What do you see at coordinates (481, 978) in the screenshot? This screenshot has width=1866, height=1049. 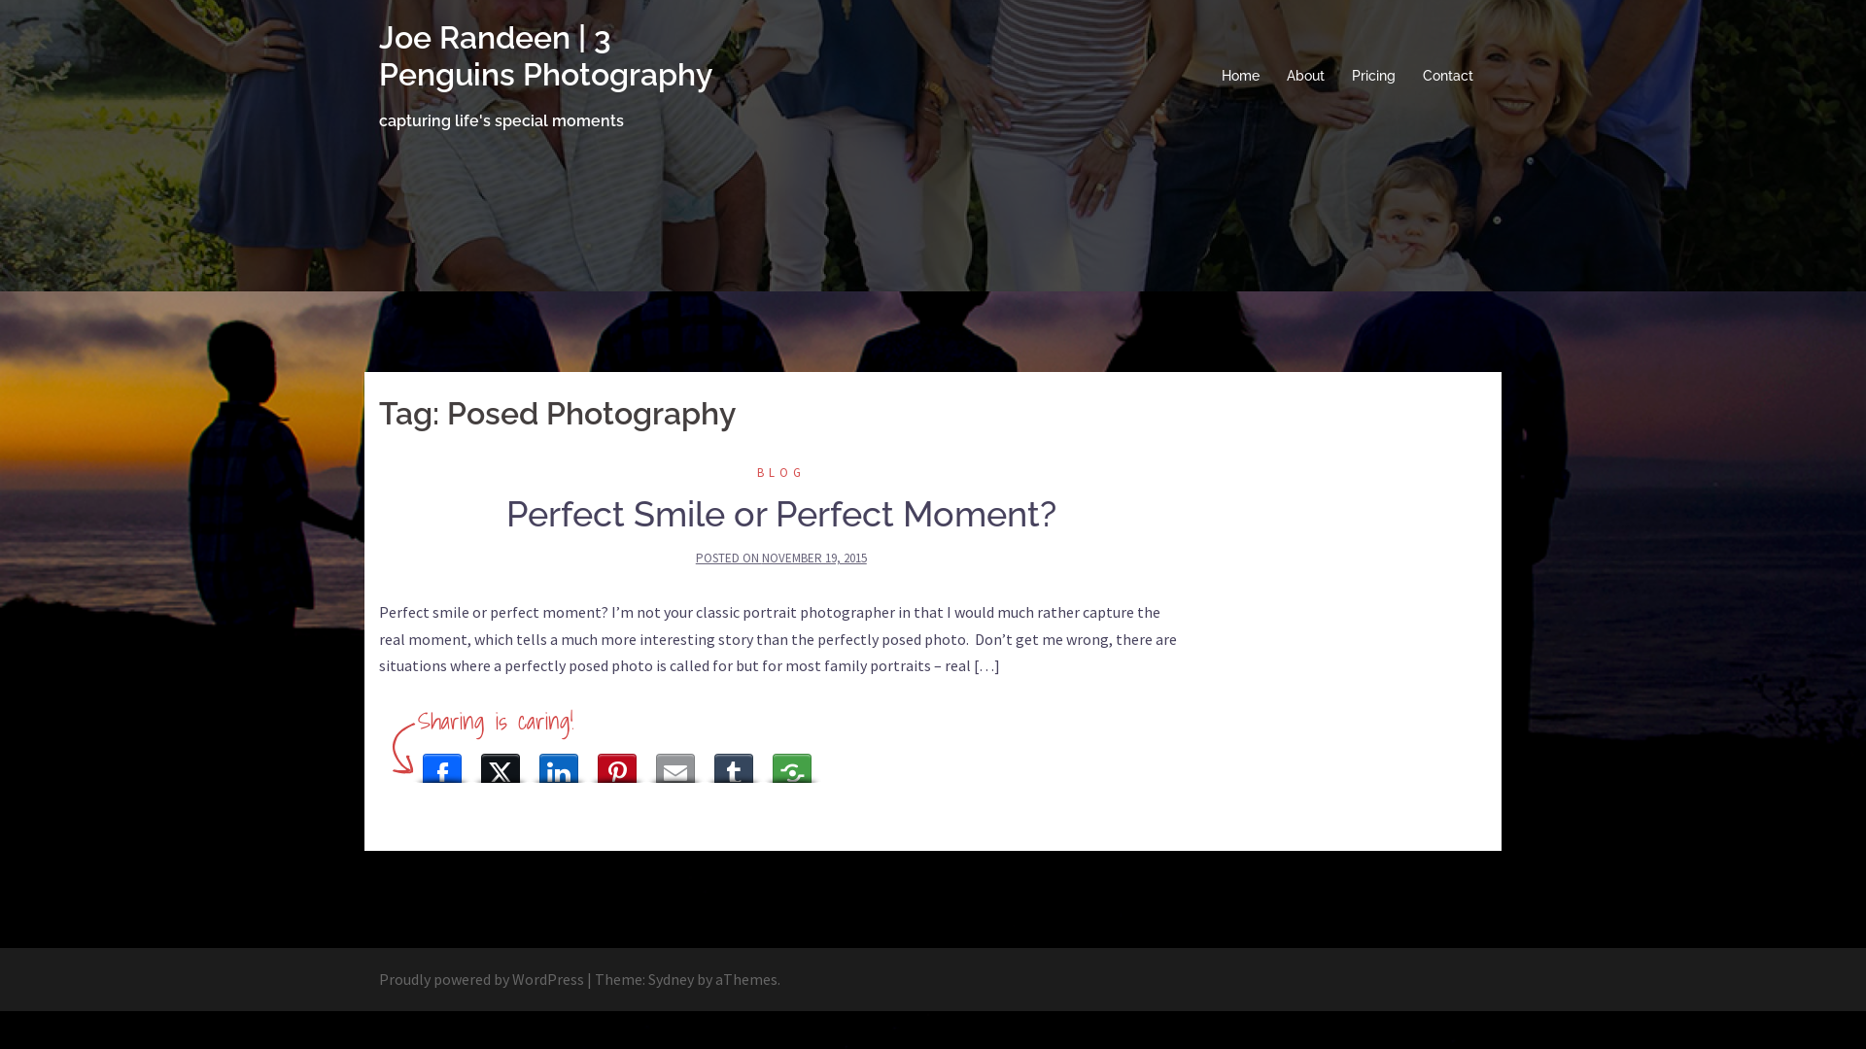 I see `'Proudly powered by WordPress'` at bounding box center [481, 978].